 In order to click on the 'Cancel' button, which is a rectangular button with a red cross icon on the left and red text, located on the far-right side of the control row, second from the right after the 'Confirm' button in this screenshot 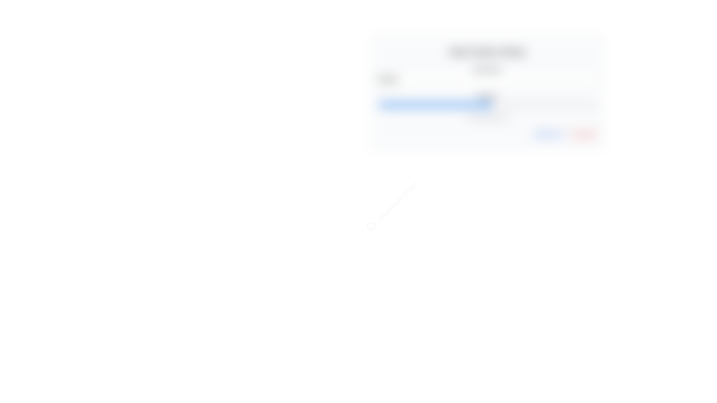, I will do `click(583, 134)`.